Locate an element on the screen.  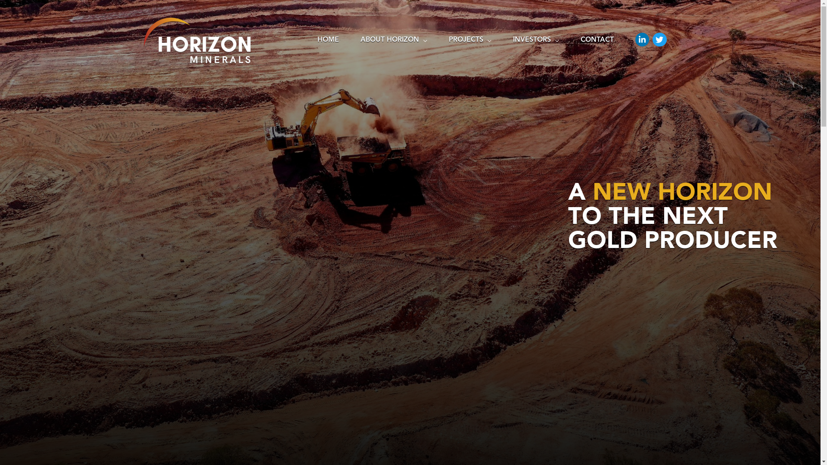
'PROJECTS' is located at coordinates (469, 41).